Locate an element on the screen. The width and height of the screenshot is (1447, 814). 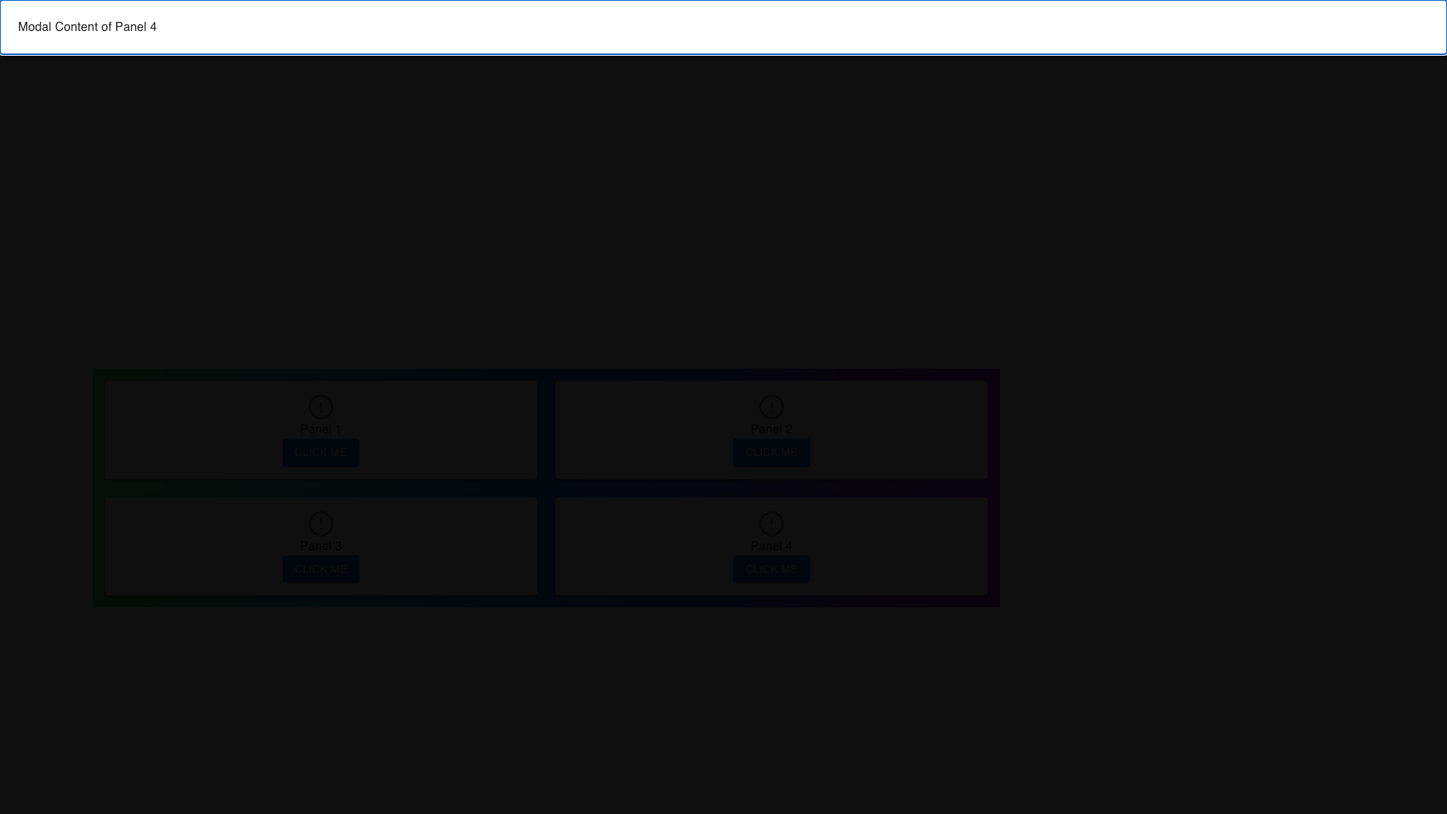
the button located on the third panel in the lower left quadrant of a four-panel layout is located at coordinates (320, 546).